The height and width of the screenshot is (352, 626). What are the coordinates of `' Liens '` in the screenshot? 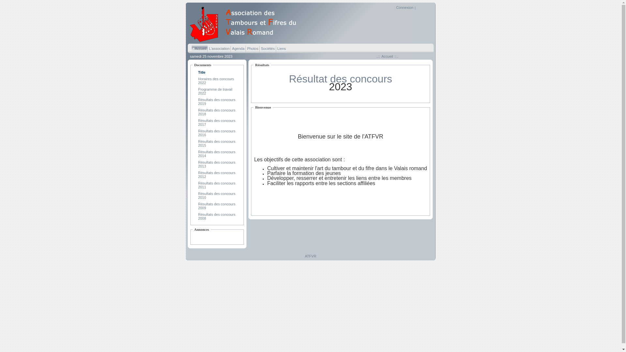 It's located at (281, 48).